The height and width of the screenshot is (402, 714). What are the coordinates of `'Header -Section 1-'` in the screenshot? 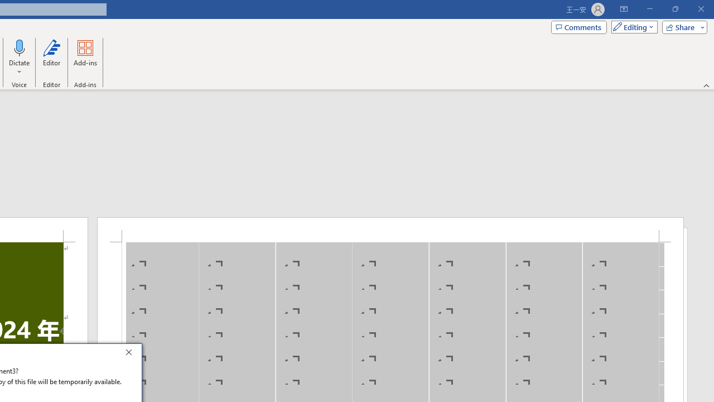 It's located at (390, 229).